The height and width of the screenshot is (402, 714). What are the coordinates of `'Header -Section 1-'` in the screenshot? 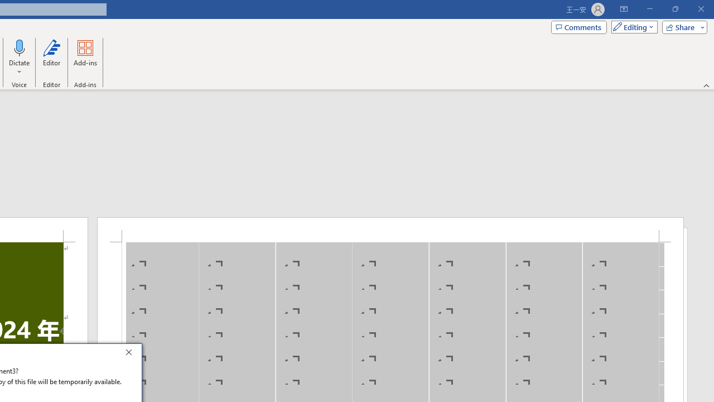 It's located at (390, 229).